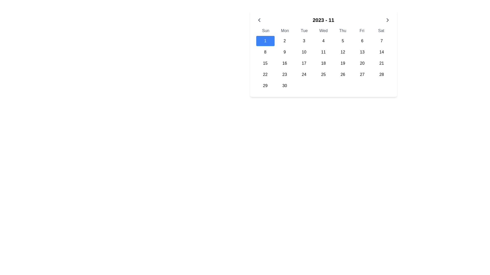 This screenshot has height=275, width=490. What do you see at coordinates (323, 52) in the screenshot?
I see `the square button with rounded corners containing the text '11'` at bounding box center [323, 52].